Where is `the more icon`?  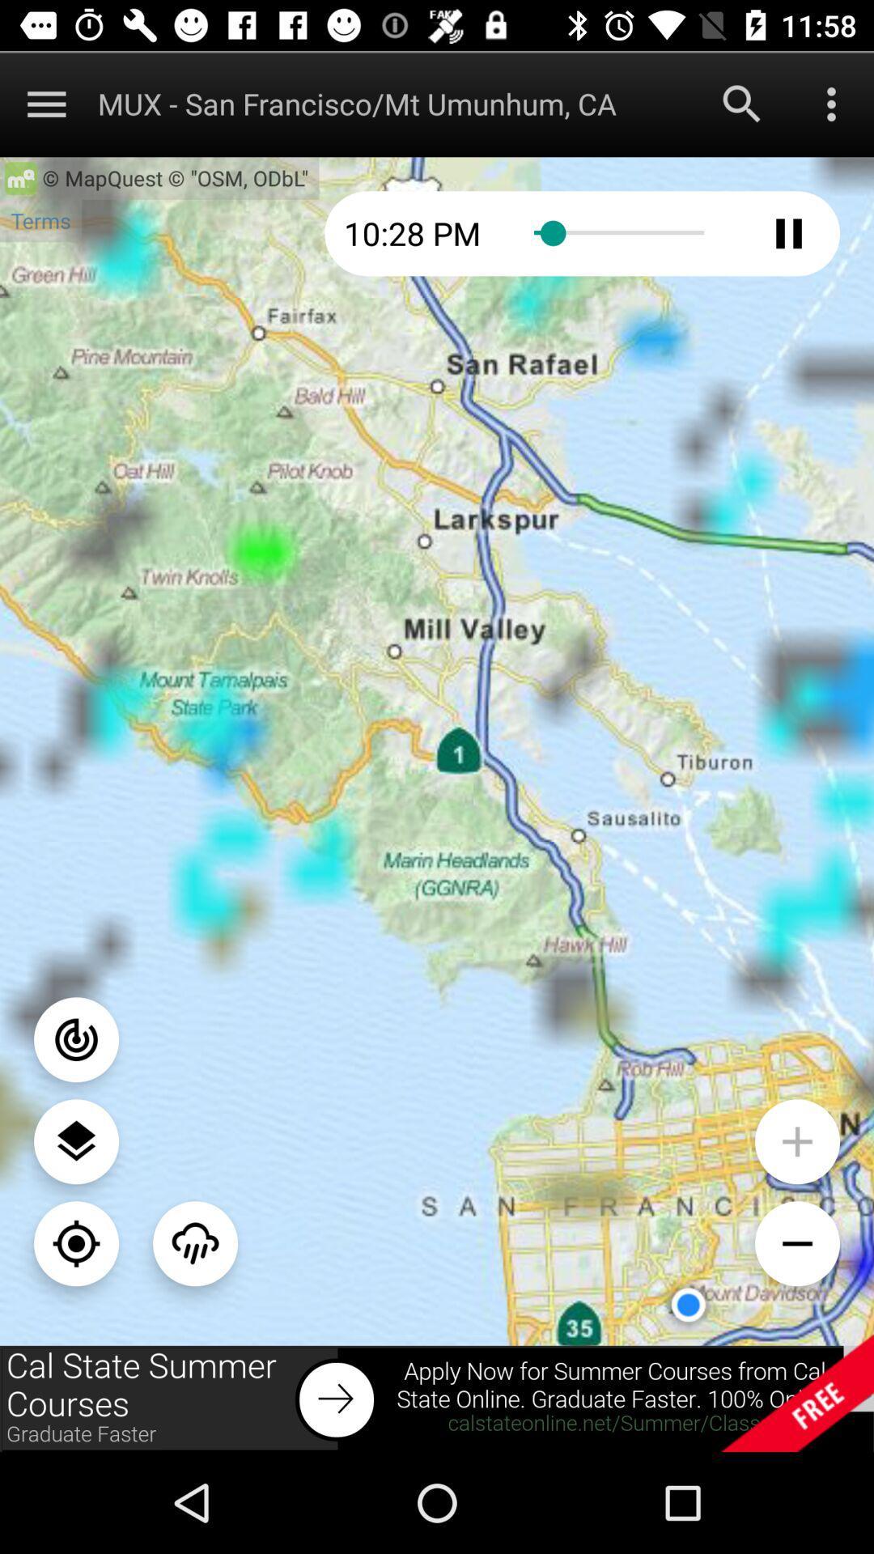 the more icon is located at coordinates (831, 103).